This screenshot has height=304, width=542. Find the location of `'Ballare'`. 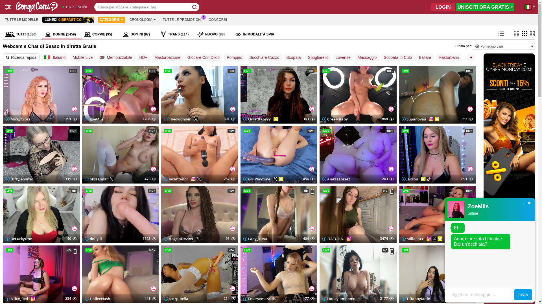

'Ballare' is located at coordinates (425, 57).